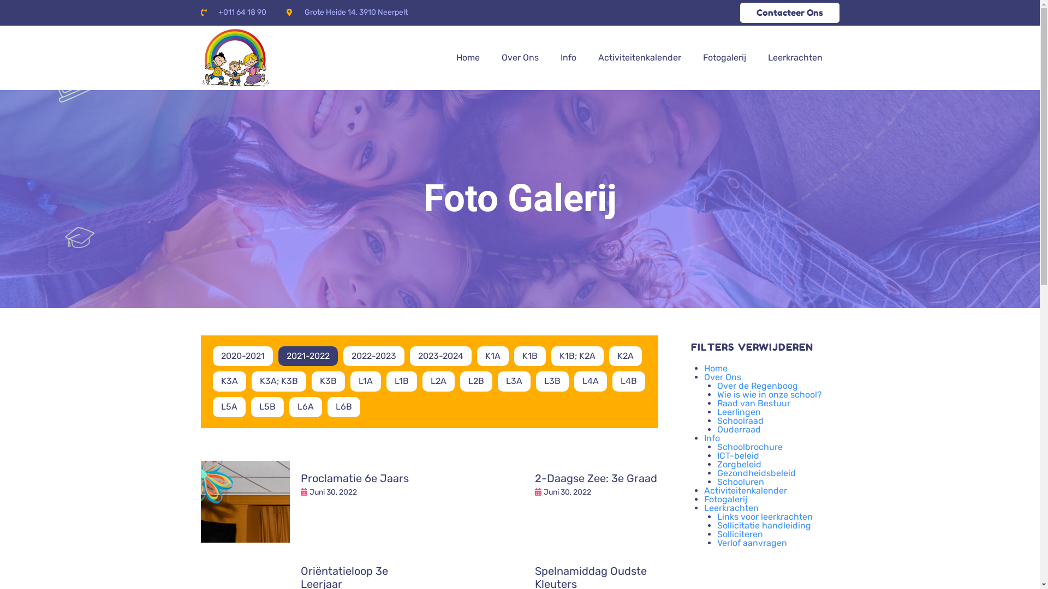 The width and height of the screenshot is (1048, 589). Describe the element at coordinates (757, 385) in the screenshot. I see `'Over de Regenboog'` at that location.